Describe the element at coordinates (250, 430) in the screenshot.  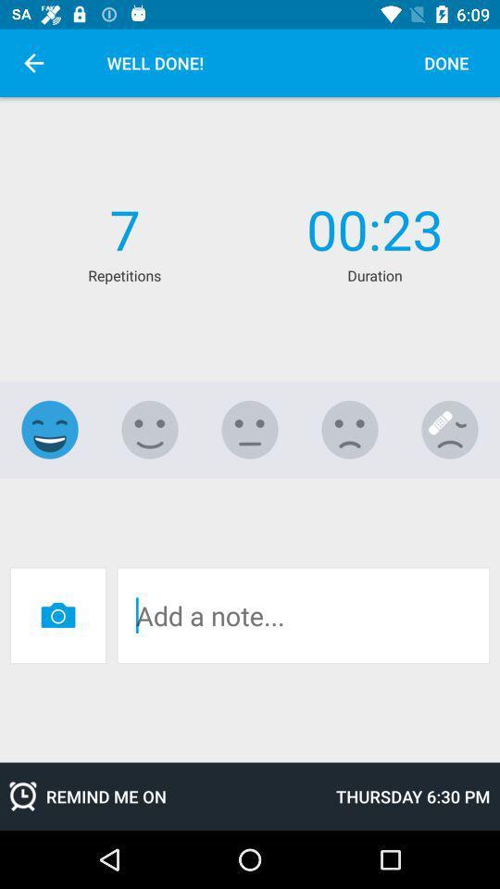
I see `emogi` at that location.